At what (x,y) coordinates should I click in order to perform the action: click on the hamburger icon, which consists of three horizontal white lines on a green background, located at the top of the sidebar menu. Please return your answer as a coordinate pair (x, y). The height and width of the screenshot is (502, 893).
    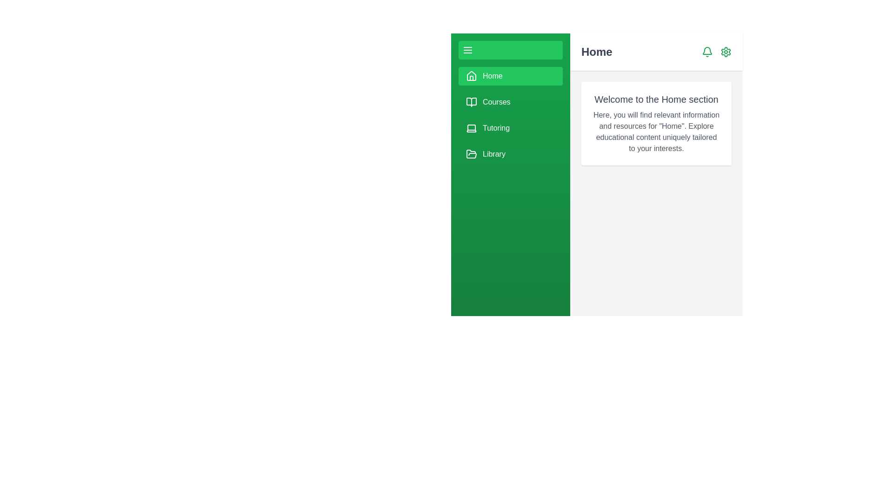
    Looking at the image, I should click on (468, 50).